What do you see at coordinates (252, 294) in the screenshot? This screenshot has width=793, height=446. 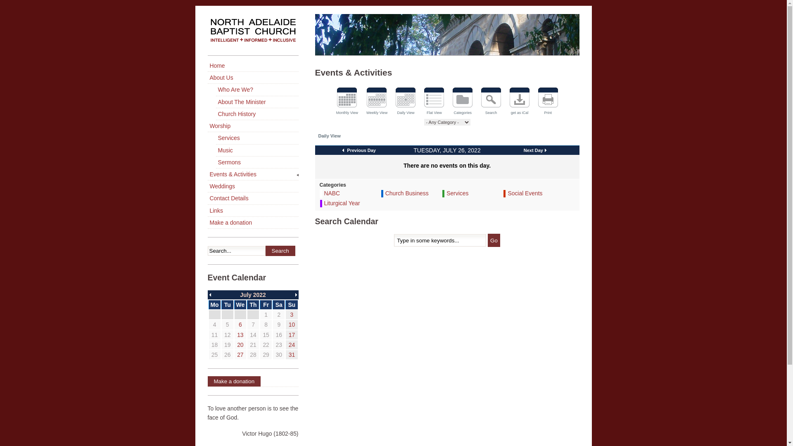 I see `'July 2022'` at bounding box center [252, 294].